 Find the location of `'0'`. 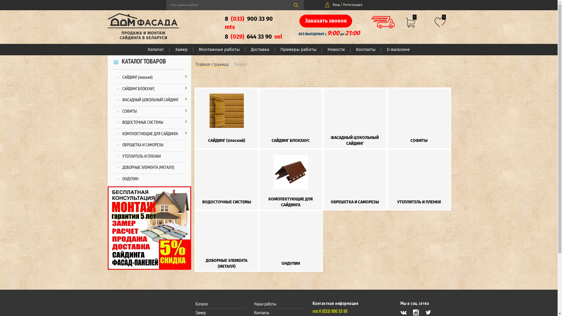

'0' is located at coordinates (410, 20).